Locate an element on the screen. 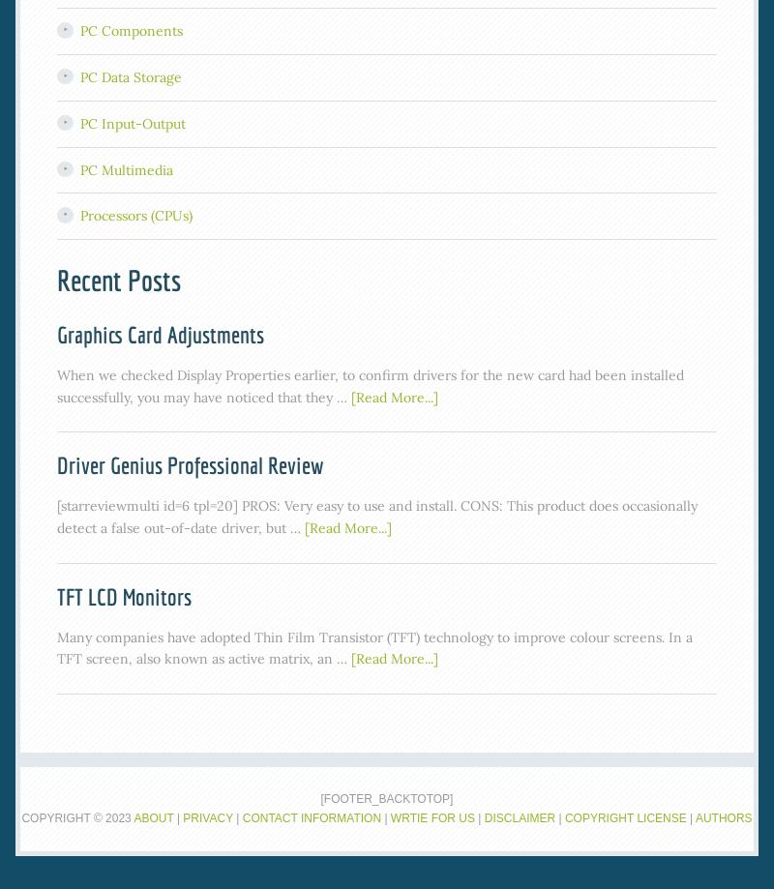  'Contact Information' is located at coordinates (311, 816).